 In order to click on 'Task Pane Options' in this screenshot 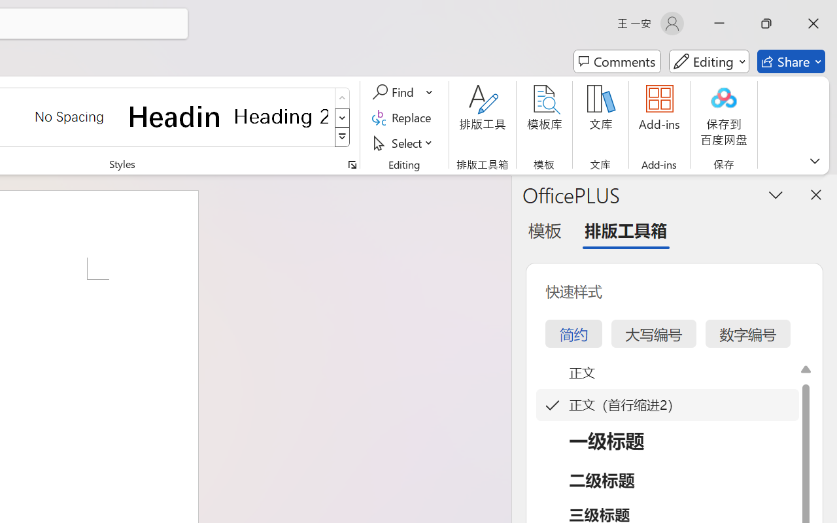, I will do `click(776, 194)`.